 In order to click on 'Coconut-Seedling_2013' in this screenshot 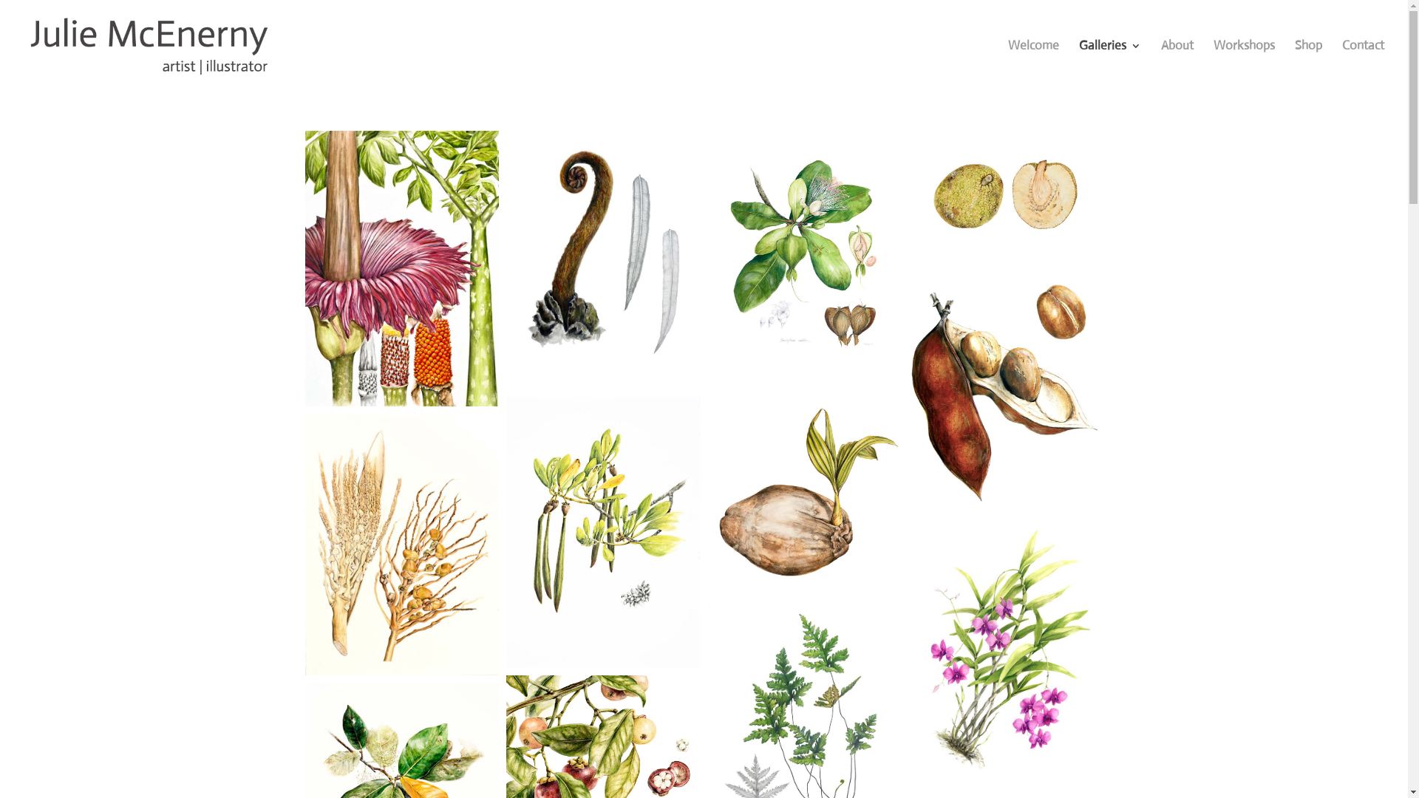, I will do `click(707, 495)`.